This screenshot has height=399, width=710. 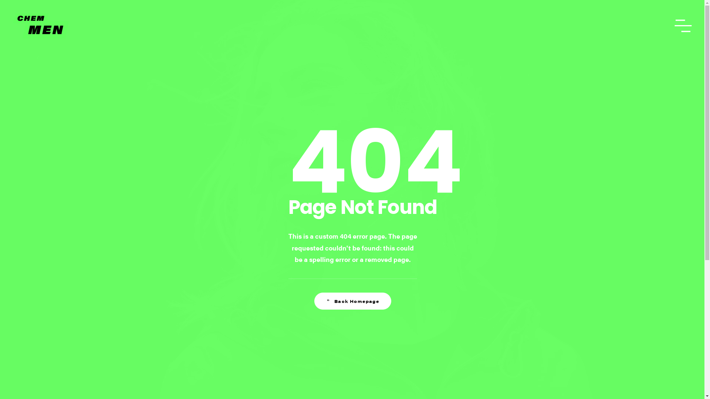 I want to click on 'home', so click(x=40, y=25).